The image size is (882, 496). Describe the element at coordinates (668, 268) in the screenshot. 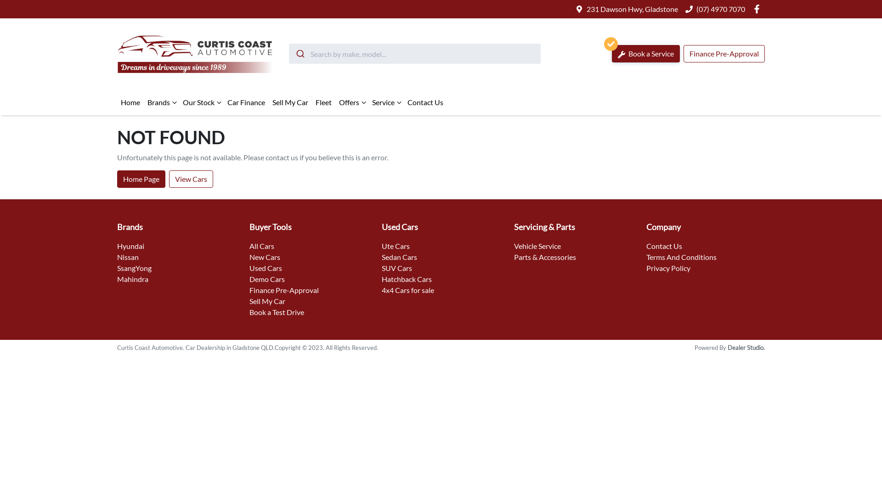

I see `'Privacy Policy'` at that location.